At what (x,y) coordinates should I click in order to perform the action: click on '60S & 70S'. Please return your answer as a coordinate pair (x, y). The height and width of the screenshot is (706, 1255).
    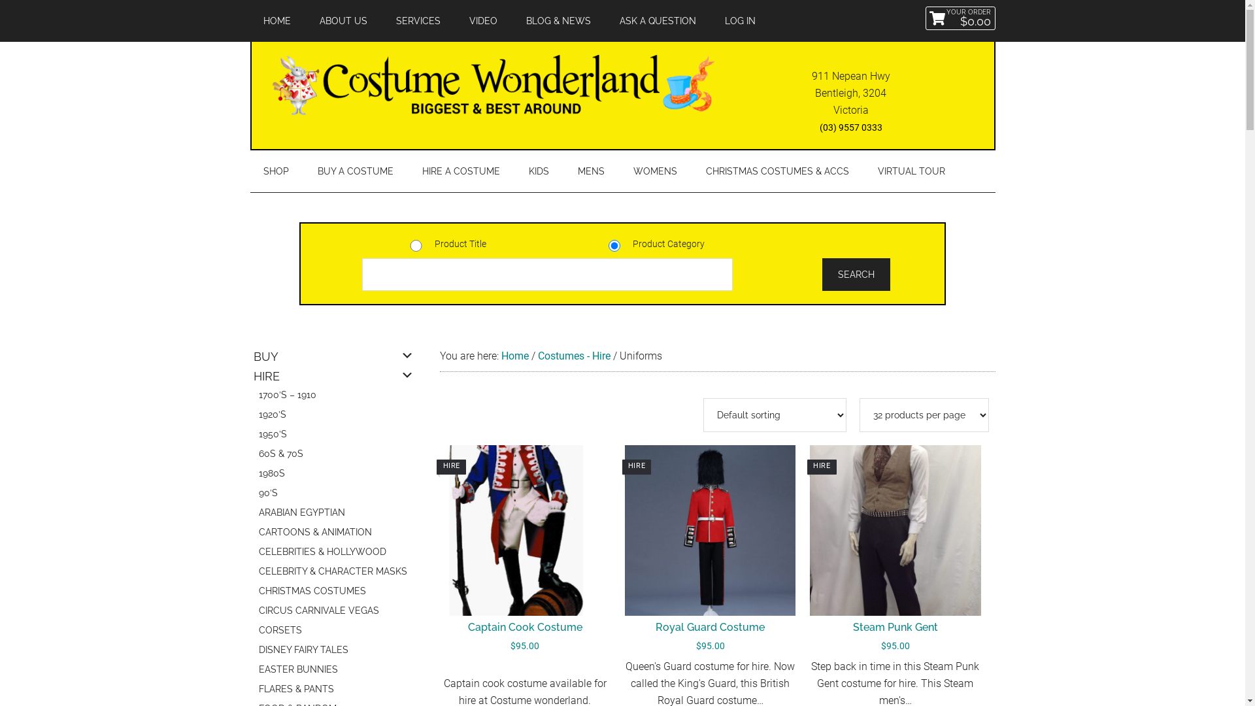
    Looking at the image, I should click on (254, 455).